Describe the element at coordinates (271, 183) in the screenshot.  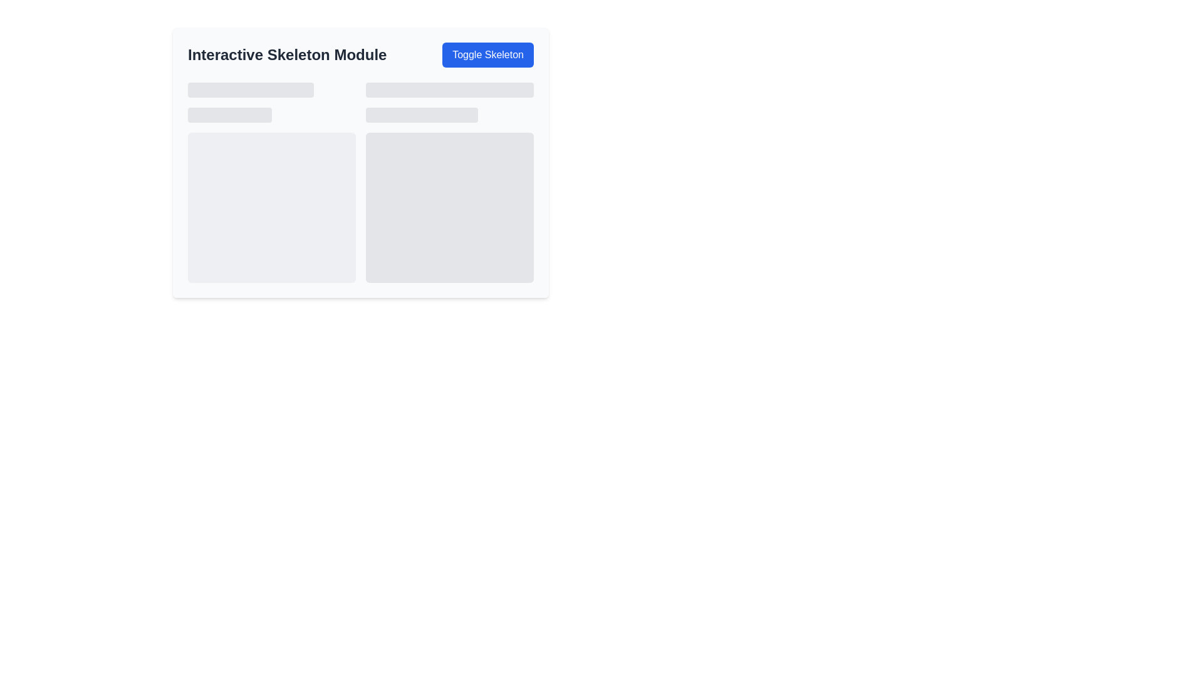
I see `the visual placeholder or skeleton loader with a gray background and rounded corners, located in the left column of a two-column grid layout` at that location.